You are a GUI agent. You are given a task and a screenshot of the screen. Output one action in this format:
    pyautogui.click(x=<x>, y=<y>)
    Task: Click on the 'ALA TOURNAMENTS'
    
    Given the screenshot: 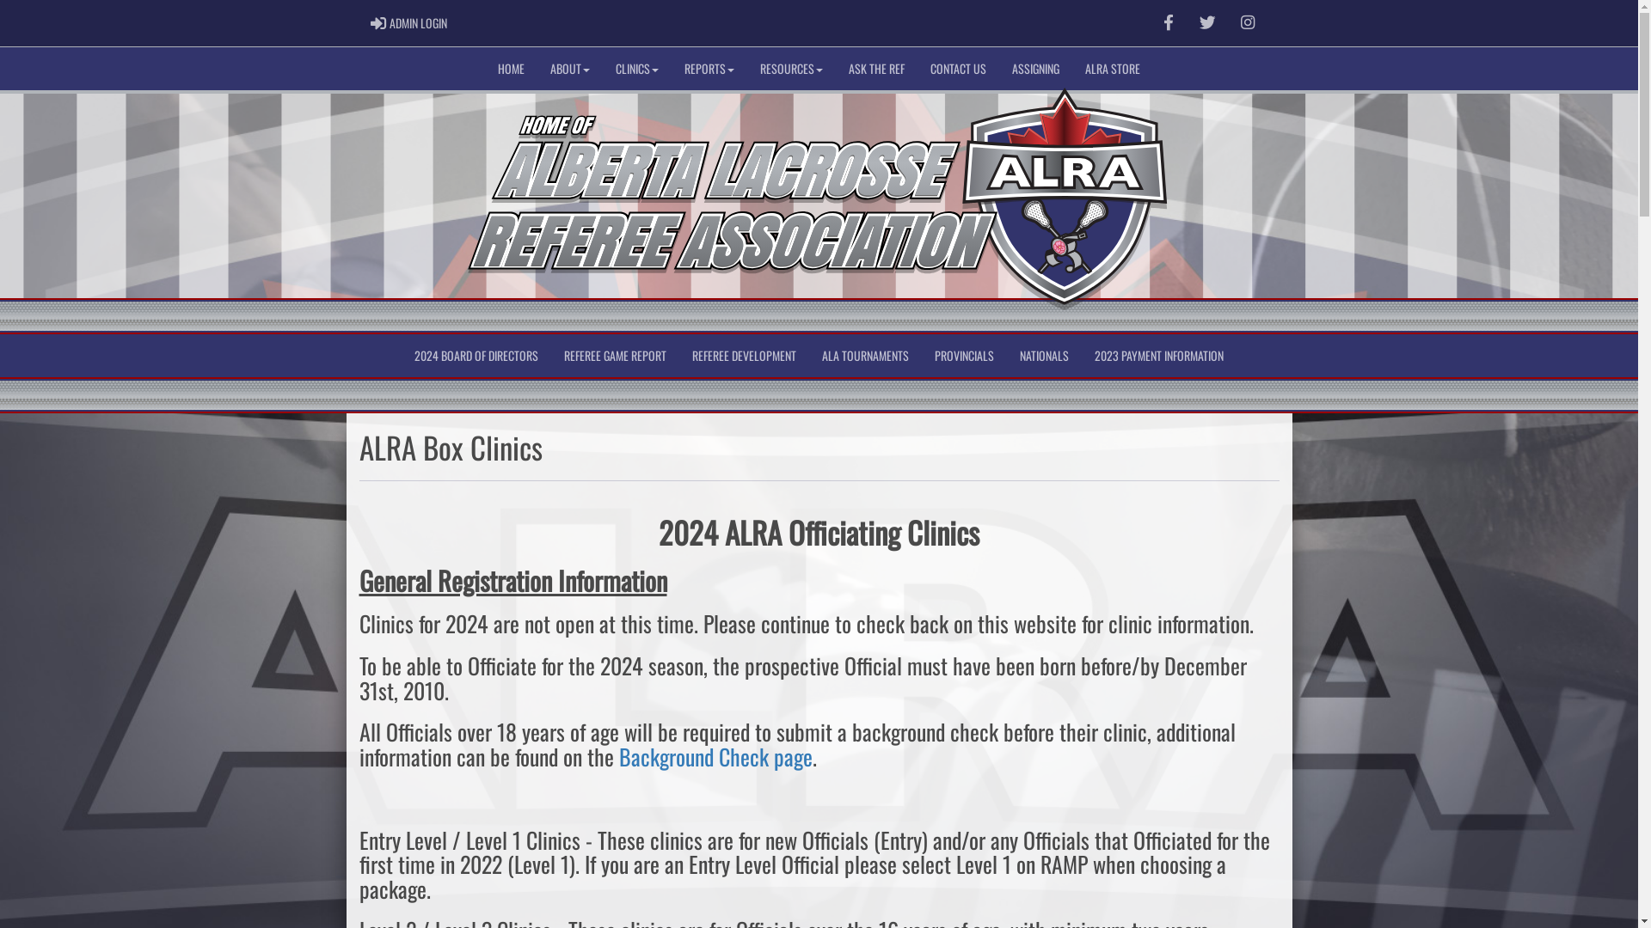 What is the action you would take?
    pyautogui.click(x=807, y=354)
    